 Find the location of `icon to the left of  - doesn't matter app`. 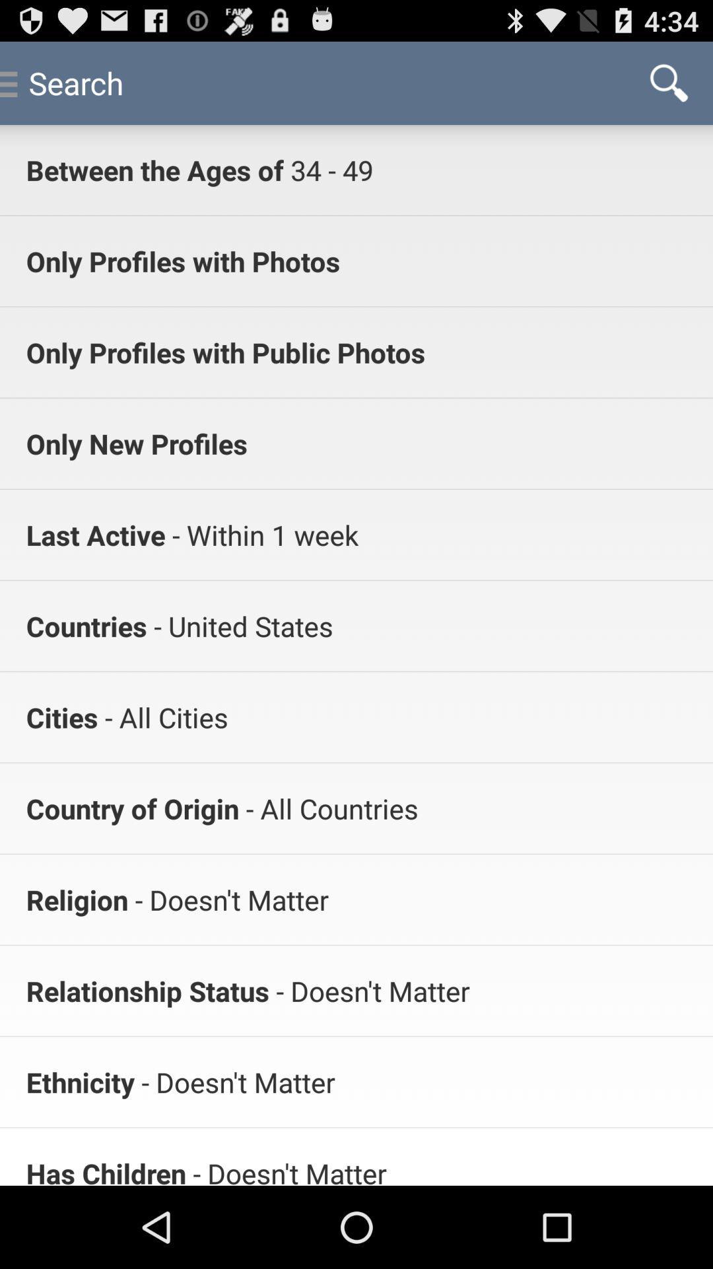

icon to the left of  - doesn't matter app is located at coordinates (80, 1082).